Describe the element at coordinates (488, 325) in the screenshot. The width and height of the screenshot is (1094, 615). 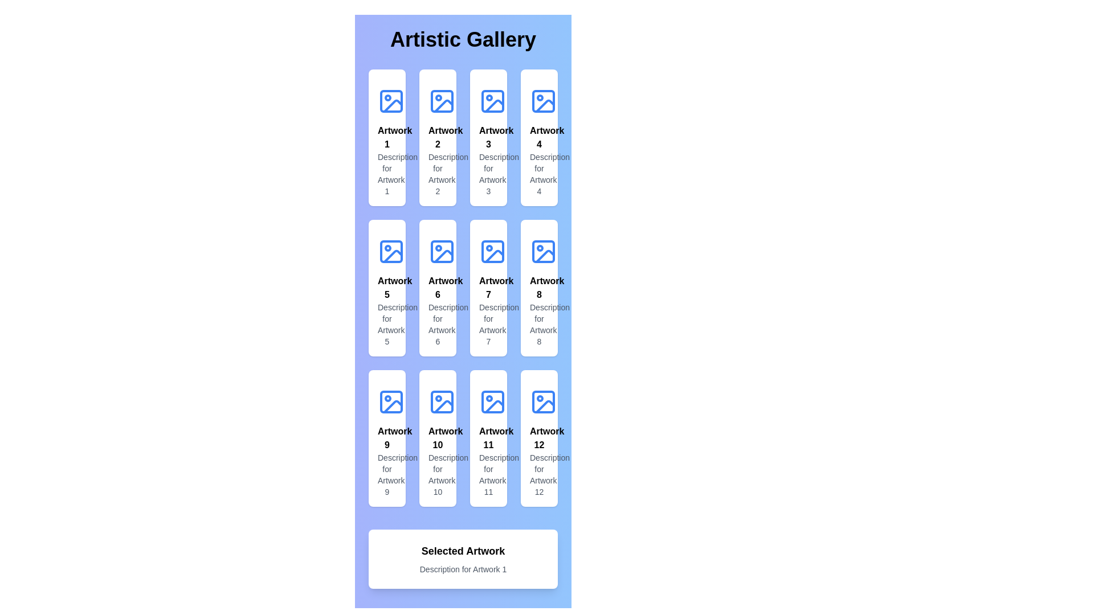
I see `the Text label providing context or identification for 'Artwork 7', located in the bottom section of the card in the third column of the second row of a grid layout` at that location.